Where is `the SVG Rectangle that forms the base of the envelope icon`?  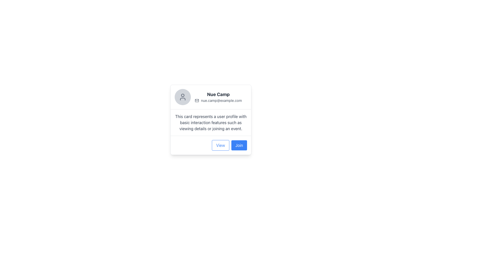
the SVG Rectangle that forms the base of the envelope icon is located at coordinates (196, 100).